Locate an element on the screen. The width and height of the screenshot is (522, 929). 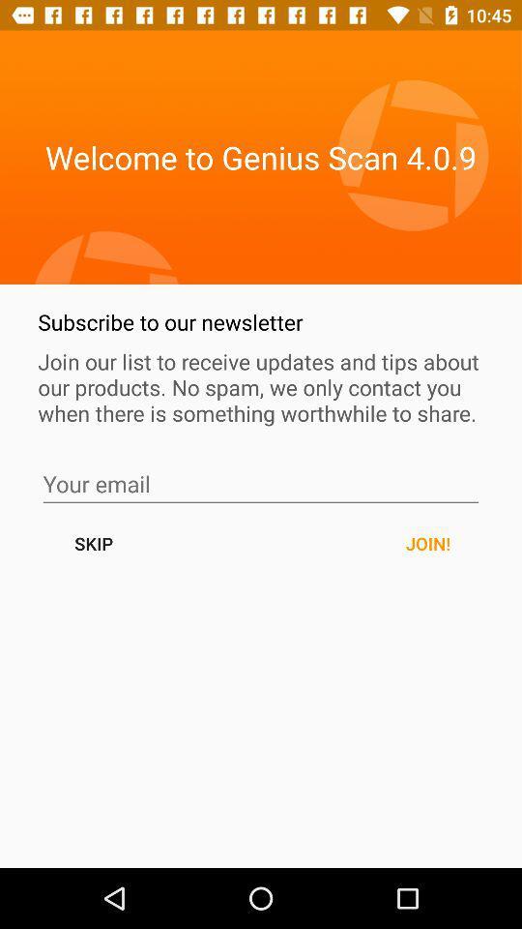
the button on the right is located at coordinates (427, 543).